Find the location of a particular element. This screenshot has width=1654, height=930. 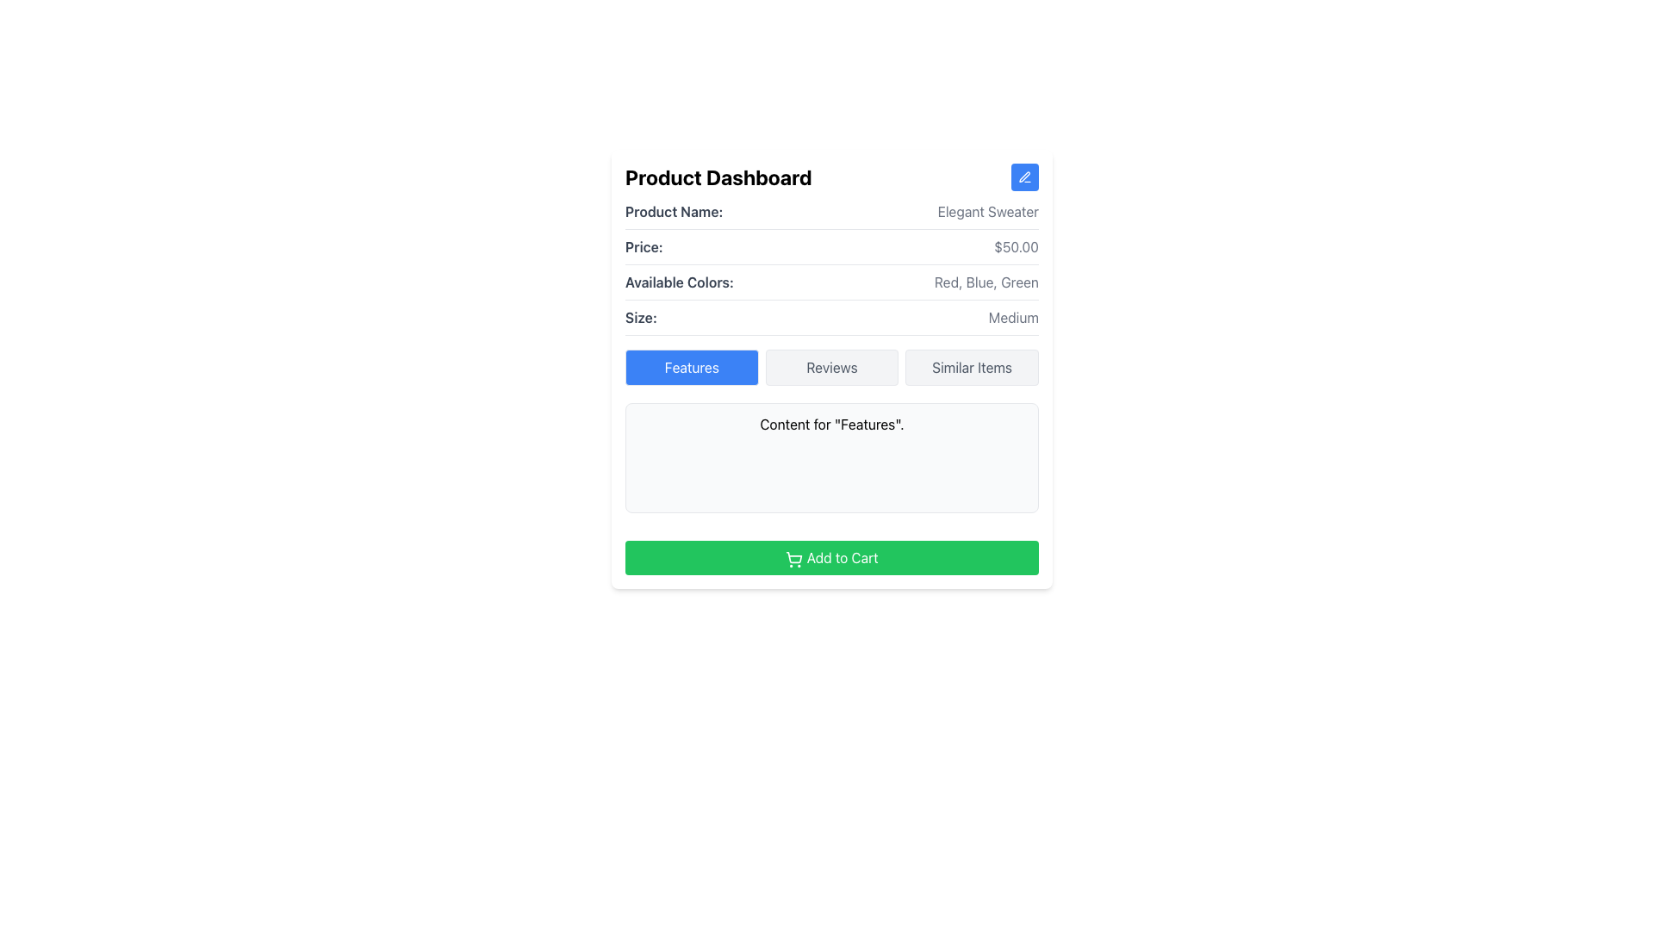

the Text Label that identifies the product name 'Elegant Sweater' located under the 'Product Dashboard' heading in the upper portion of the product details panel is located at coordinates (673, 211).